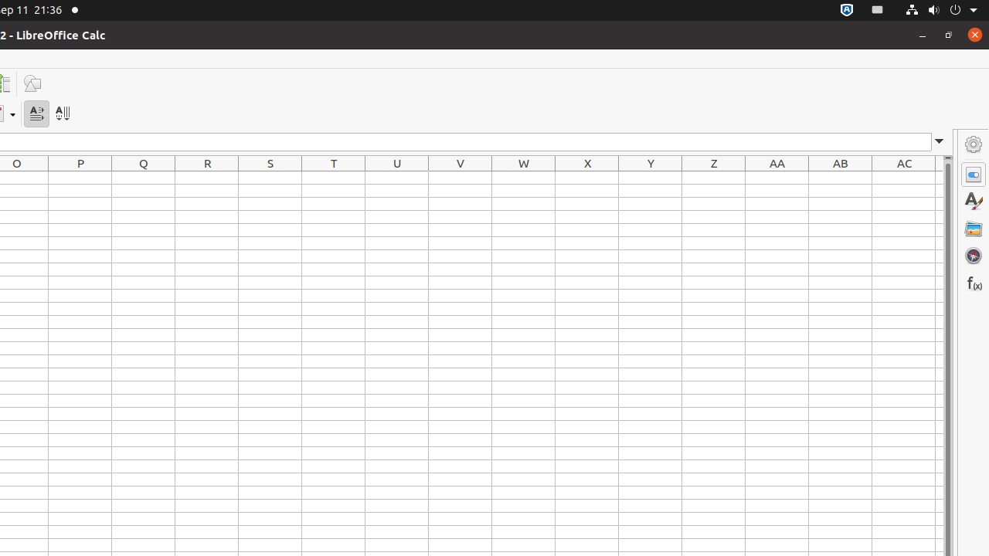 Image resolution: width=989 pixels, height=556 pixels. What do you see at coordinates (904, 177) in the screenshot?
I see `'AC1'` at bounding box center [904, 177].